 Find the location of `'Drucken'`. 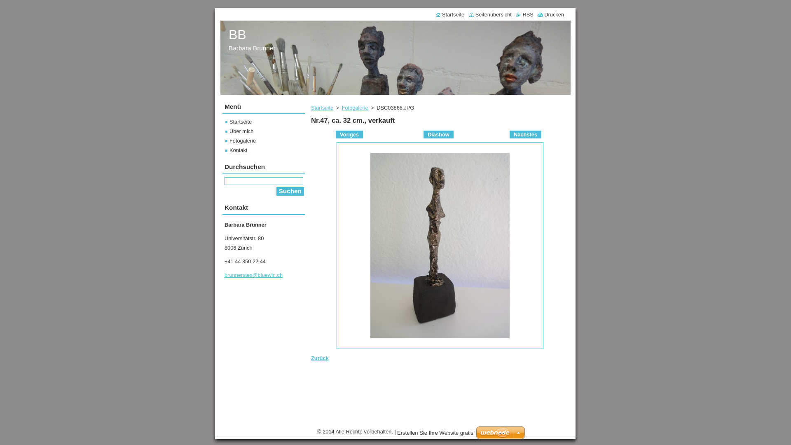

'Drucken' is located at coordinates (551, 14).